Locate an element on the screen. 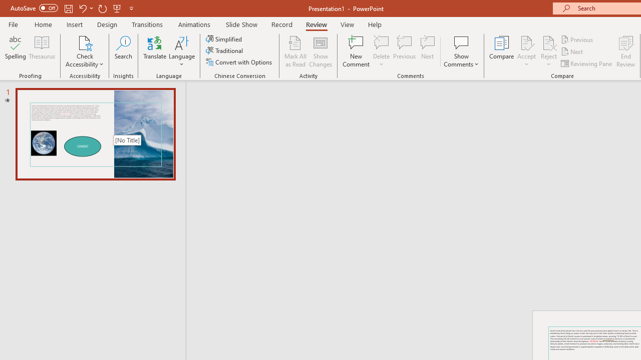  'Simplified' is located at coordinates (224, 38).